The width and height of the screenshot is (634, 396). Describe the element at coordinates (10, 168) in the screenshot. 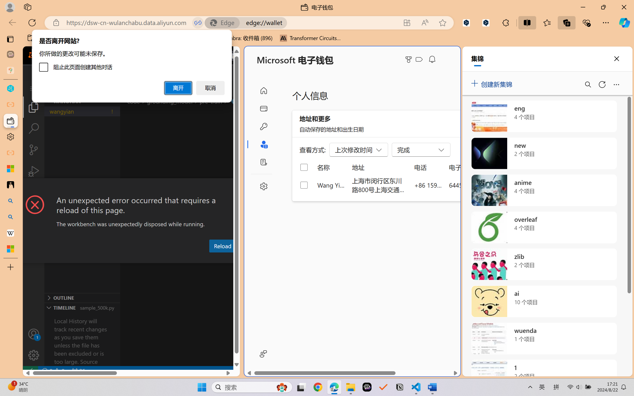

I see `'Adjust indents and spacing - Microsoft Support'` at that location.